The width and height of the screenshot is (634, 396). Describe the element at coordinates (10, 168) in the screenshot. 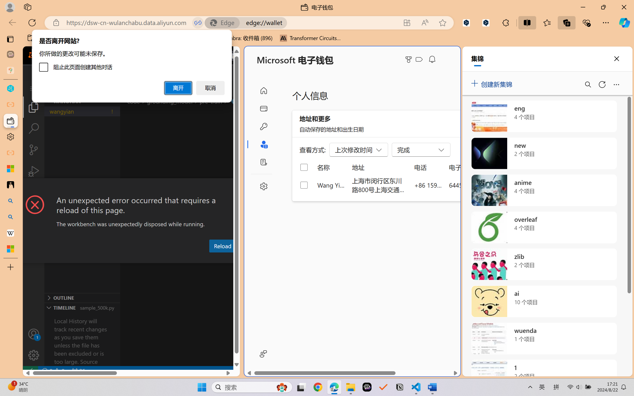

I see `'Adjust indents and spacing - Microsoft Support'` at that location.